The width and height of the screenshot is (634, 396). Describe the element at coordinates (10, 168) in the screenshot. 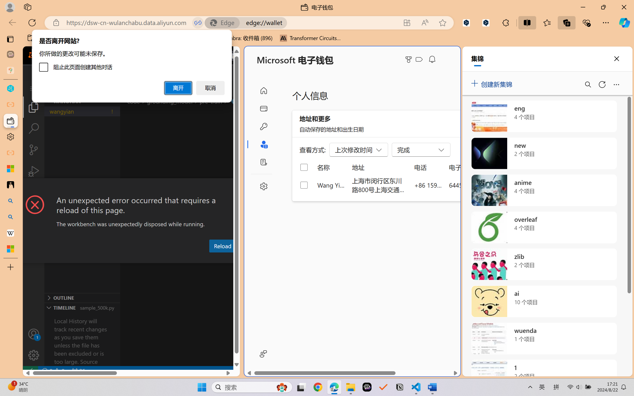

I see `'Adjust indents and spacing - Microsoft Support'` at that location.